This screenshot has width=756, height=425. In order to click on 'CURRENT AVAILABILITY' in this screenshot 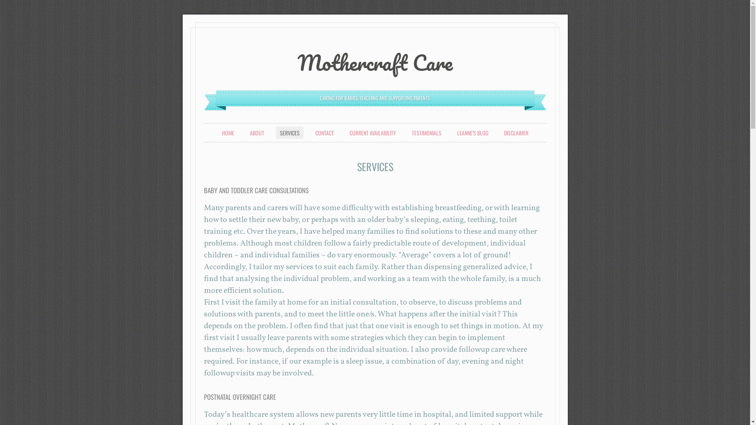, I will do `click(372, 132)`.